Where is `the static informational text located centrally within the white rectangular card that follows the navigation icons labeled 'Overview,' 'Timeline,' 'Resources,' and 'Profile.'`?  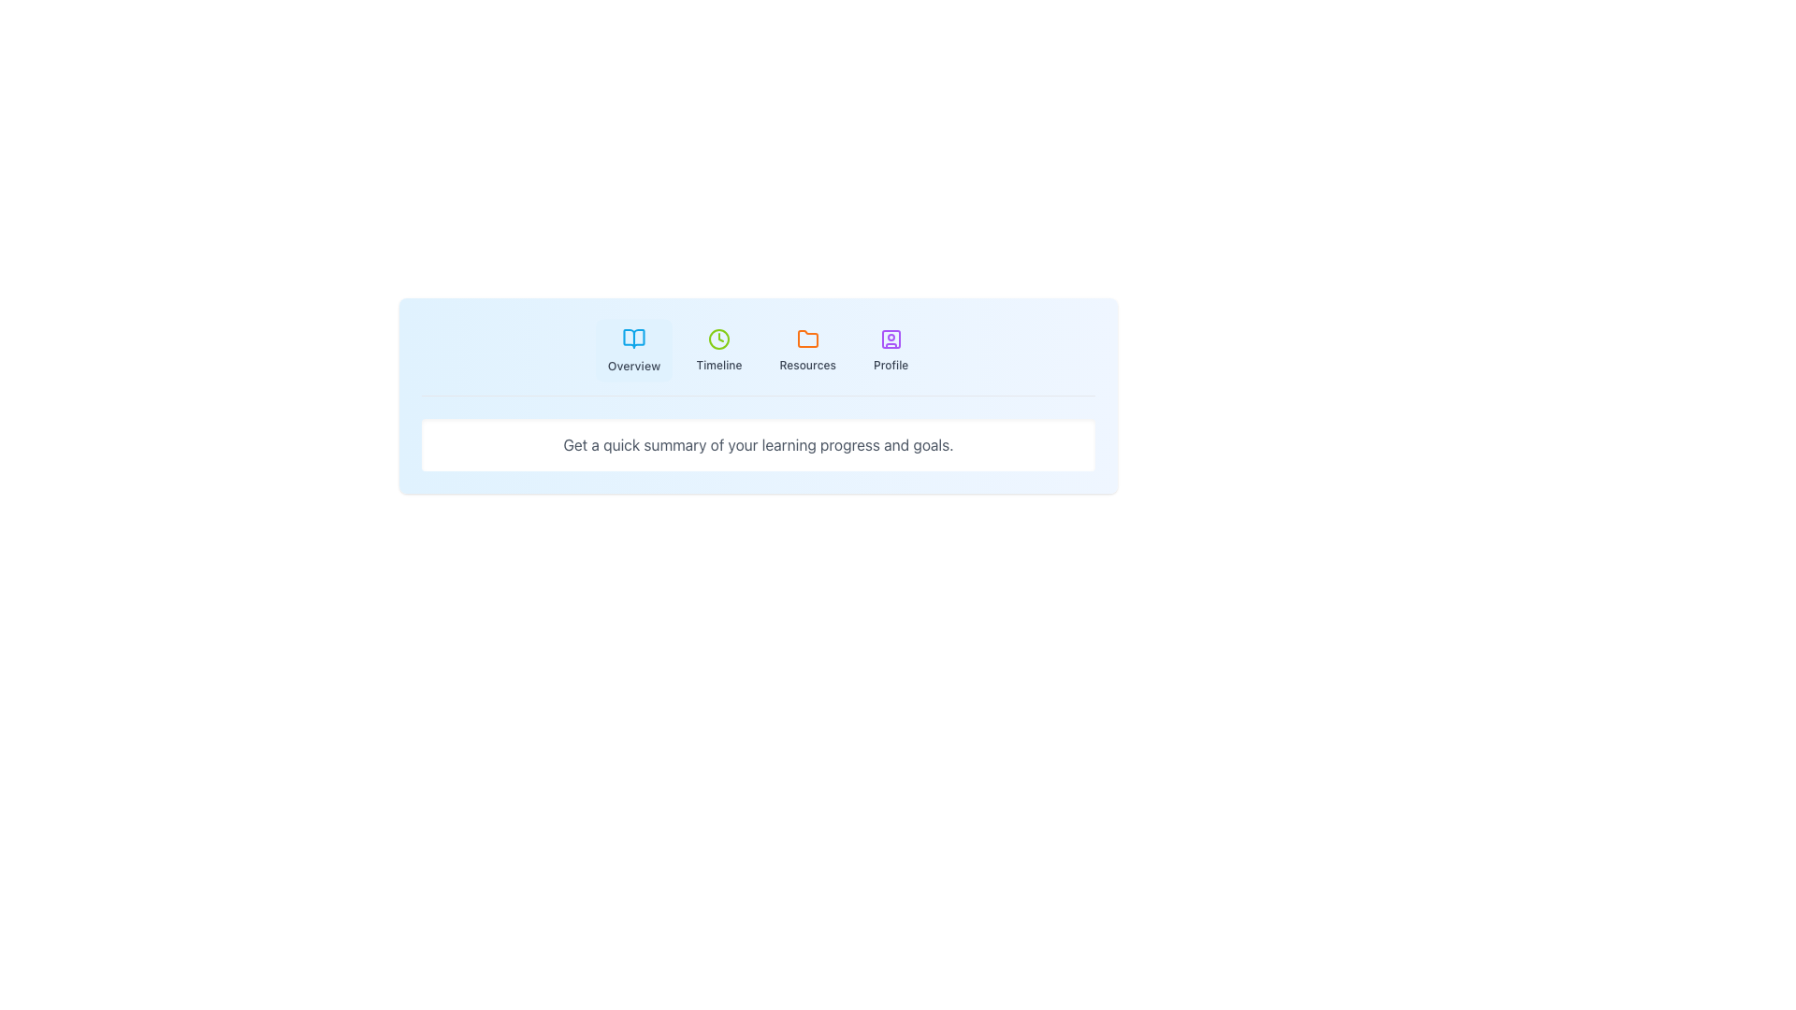 the static informational text located centrally within the white rectangular card that follows the navigation icons labeled 'Overview,' 'Timeline,' 'Resources,' and 'Profile.' is located at coordinates (759, 444).